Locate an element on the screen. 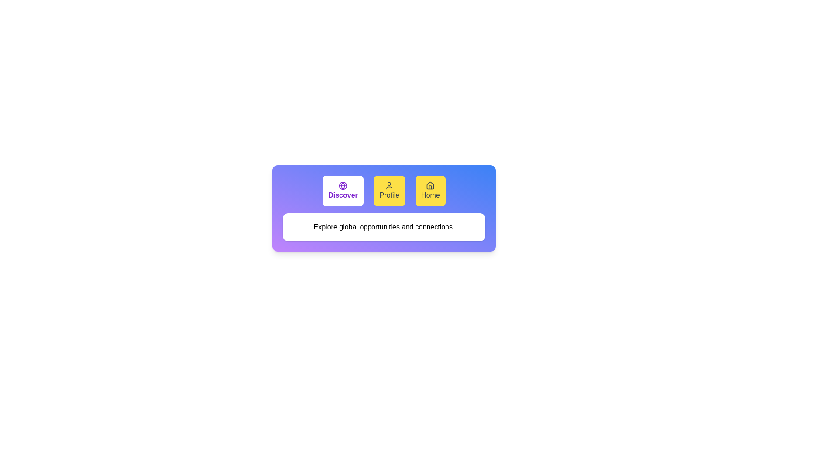  the globe icon portion of the 'Discover' button, which is styled in purple and white and located at the top left of the button group is located at coordinates (343, 185).